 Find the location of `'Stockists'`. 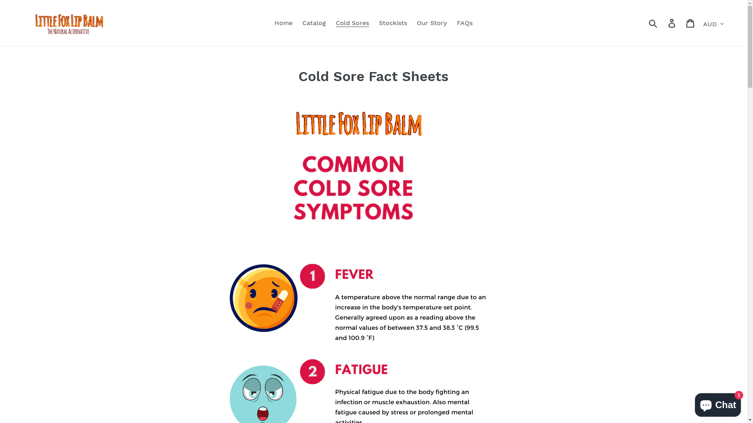

'Stockists' is located at coordinates (393, 22).